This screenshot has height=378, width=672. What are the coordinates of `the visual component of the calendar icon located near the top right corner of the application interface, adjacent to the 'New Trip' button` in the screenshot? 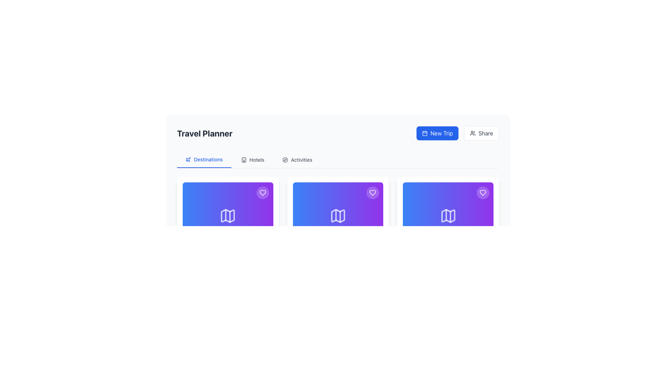 It's located at (425, 133).